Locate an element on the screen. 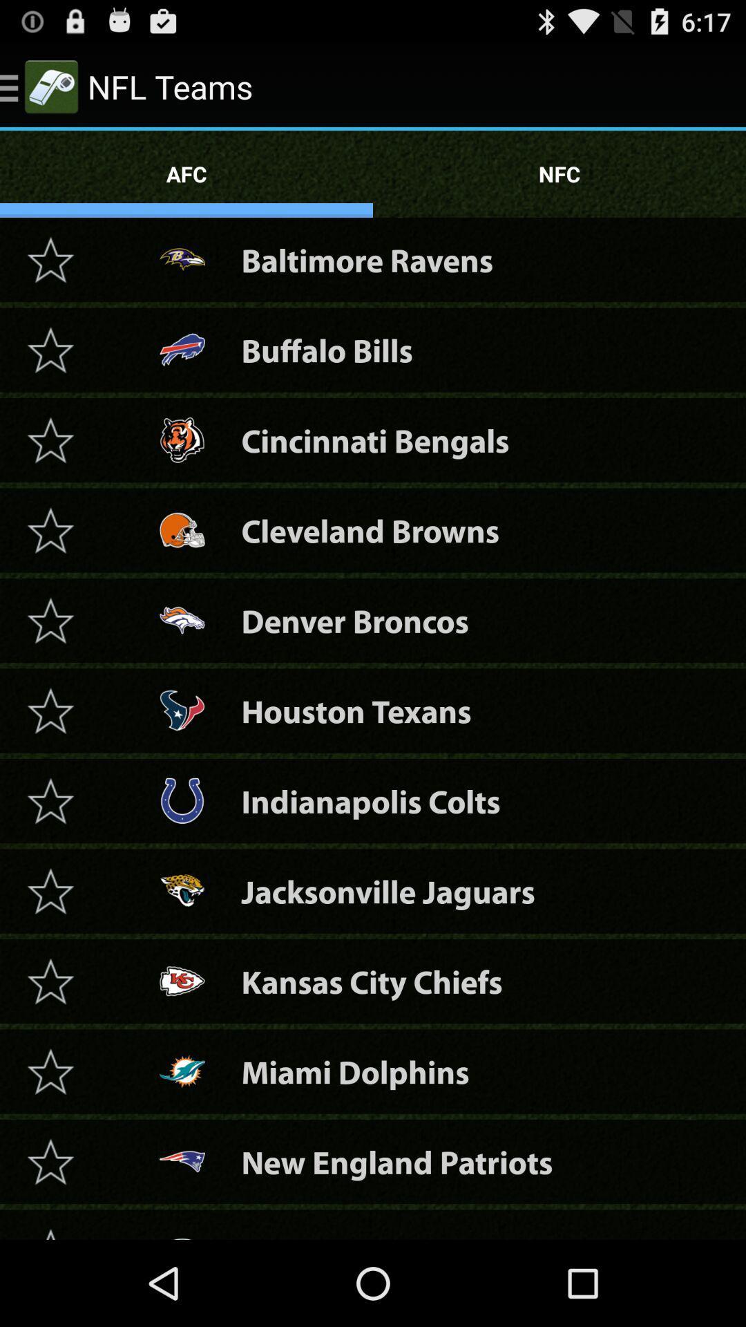 The height and width of the screenshot is (1327, 746). miami dolphins app is located at coordinates (354, 1071).